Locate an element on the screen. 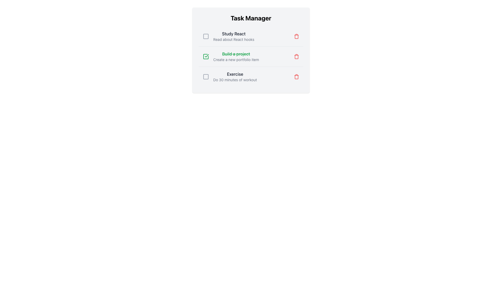  the second task item in the 'Task Manager' section, which contains the text 'Build a project' struck through in green and 'Create a new portfolio item' in smaller gray font is located at coordinates (236, 57).